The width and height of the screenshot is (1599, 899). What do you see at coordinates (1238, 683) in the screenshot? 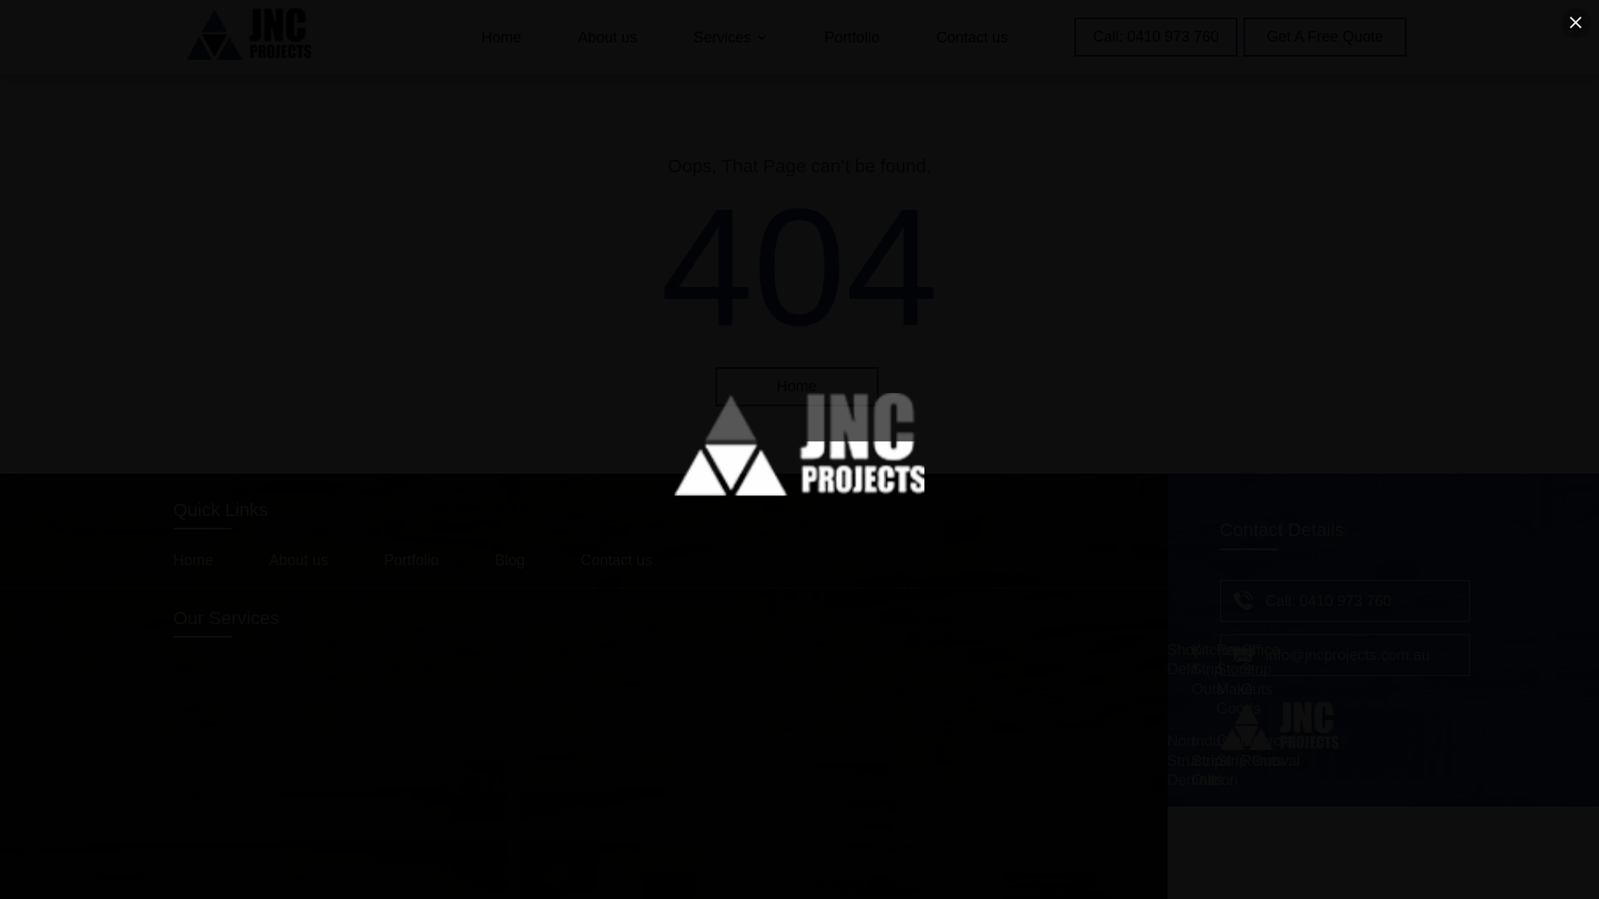
I see `'Retail Store Make Goods'` at bounding box center [1238, 683].